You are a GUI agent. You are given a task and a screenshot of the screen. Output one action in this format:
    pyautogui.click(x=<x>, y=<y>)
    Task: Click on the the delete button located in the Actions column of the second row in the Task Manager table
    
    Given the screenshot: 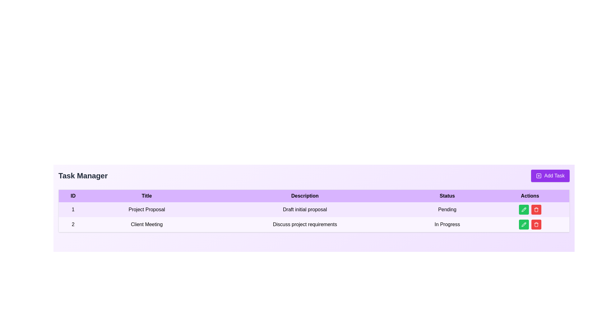 What is the action you would take?
    pyautogui.click(x=536, y=209)
    